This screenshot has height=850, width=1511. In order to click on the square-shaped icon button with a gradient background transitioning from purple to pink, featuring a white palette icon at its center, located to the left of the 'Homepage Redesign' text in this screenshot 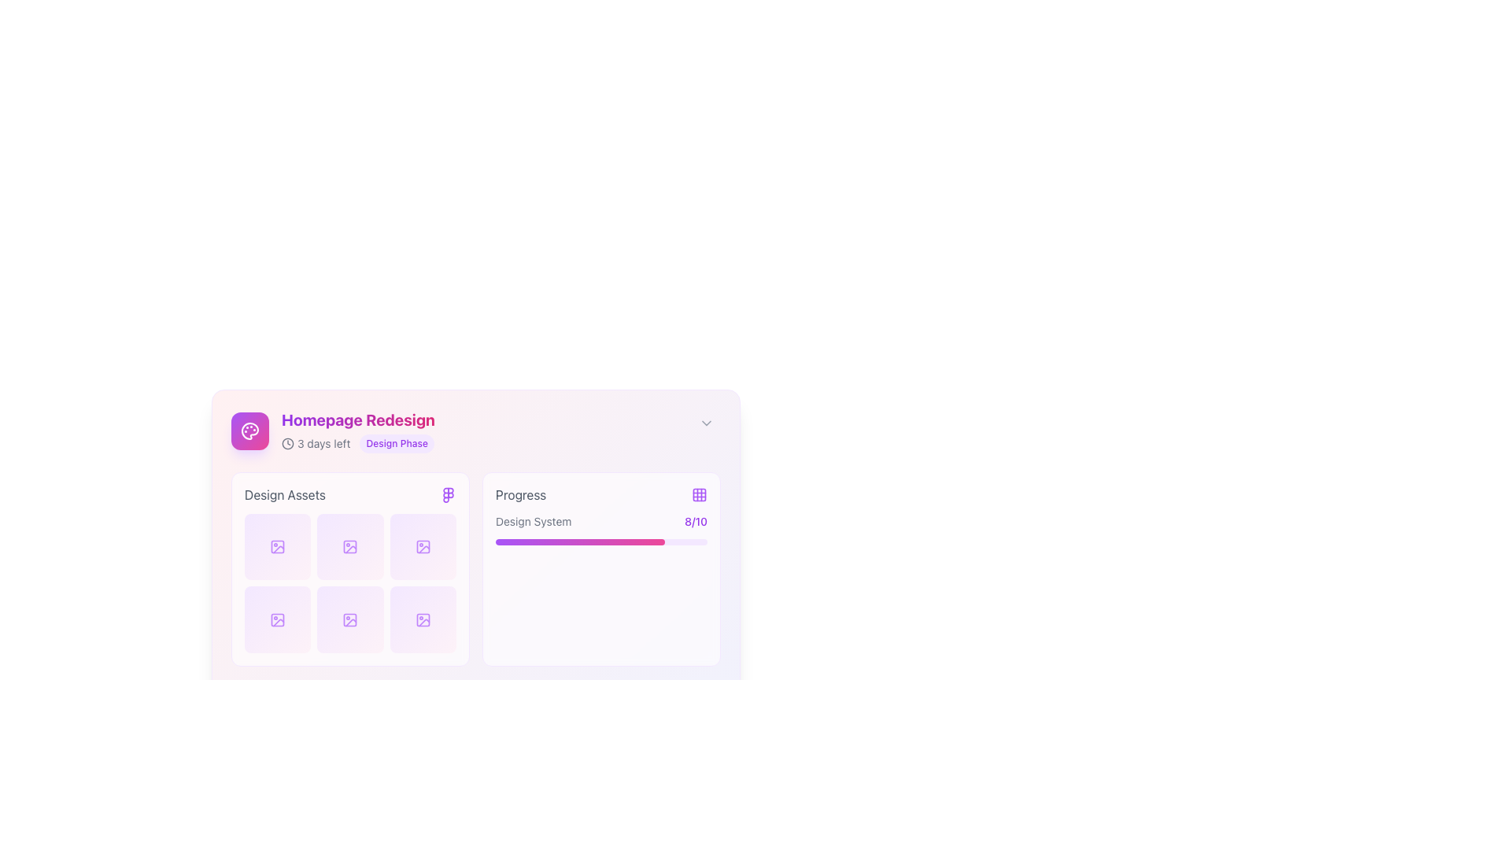, I will do `click(249, 431)`.